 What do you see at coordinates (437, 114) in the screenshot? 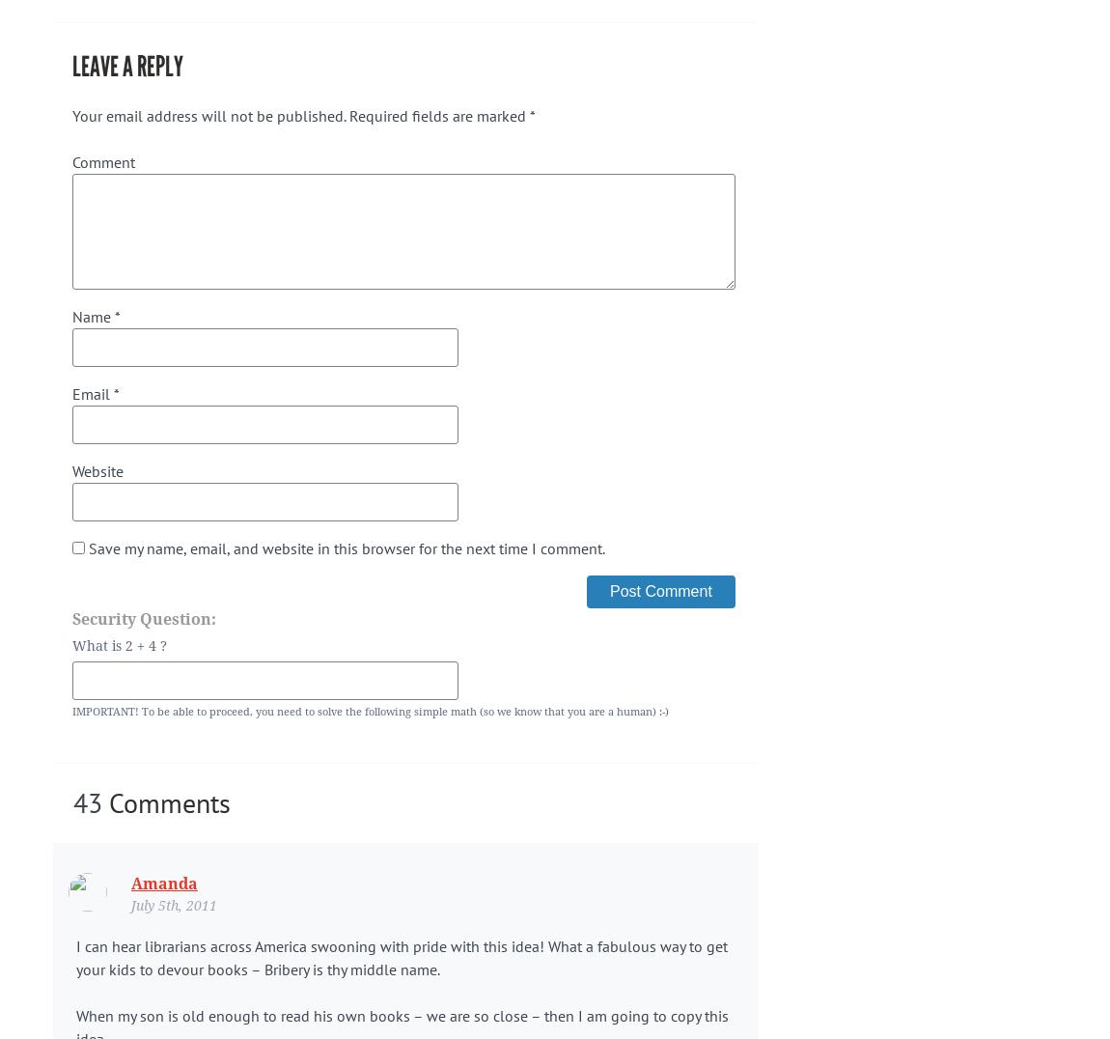
I see `'Required fields are marked'` at bounding box center [437, 114].